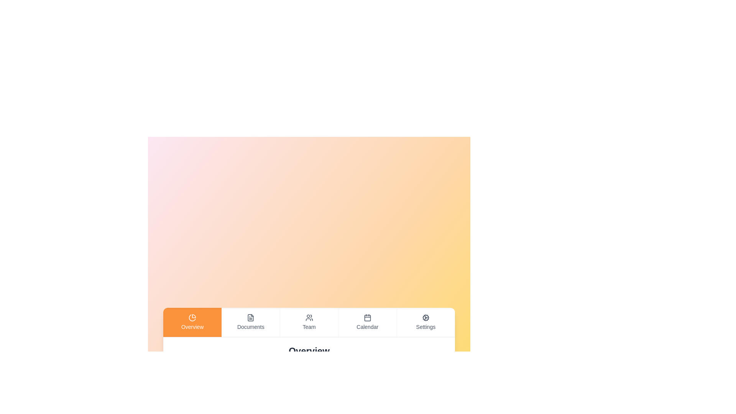 The width and height of the screenshot is (736, 414). I want to click on text label 'Documents' located at the center of the second button in the navigation bar at the bottom of the interface to understand its purpose, so click(251, 327).